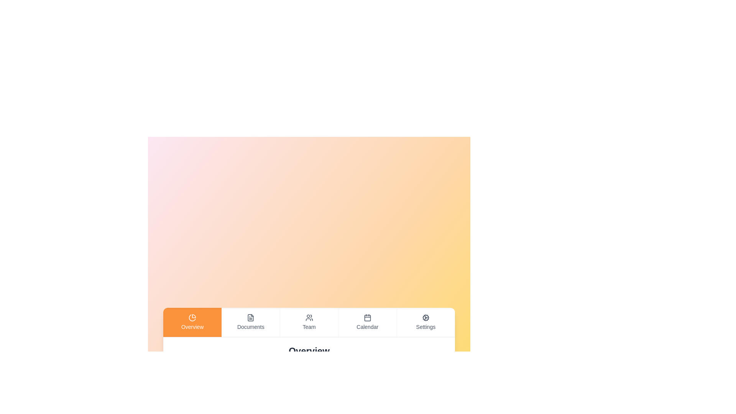 The width and height of the screenshot is (736, 414). I want to click on text label 'Documents' located at the center of the second button in the navigation bar at the bottom of the interface to understand its purpose, so click(251, 327).